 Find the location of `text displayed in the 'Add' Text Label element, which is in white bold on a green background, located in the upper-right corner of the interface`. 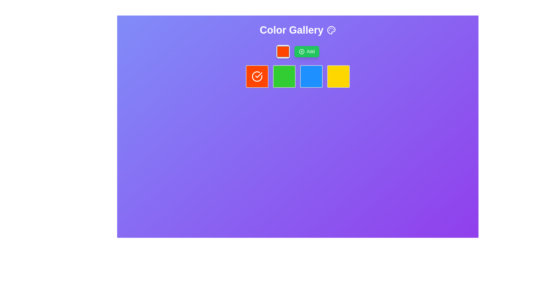

text displayed in the 'Add' Text Label element, which is in white bold on a green background, located in the upper-right corner of the interface is located at coordinates (310, 51).